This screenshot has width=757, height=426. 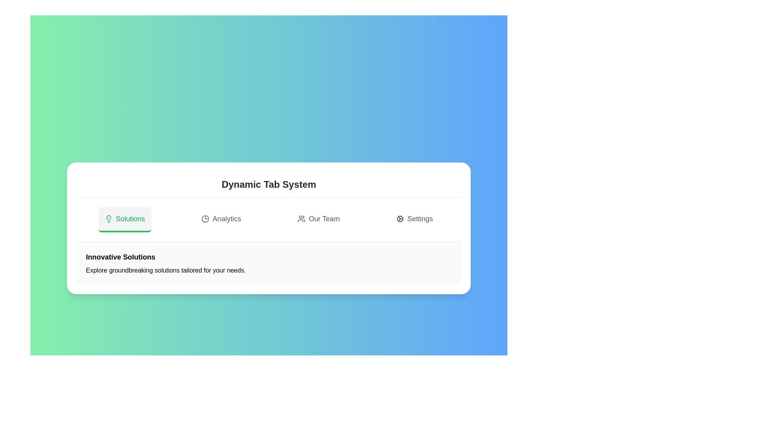 I want to click on the 'Solutions' tab icon located on the leftmost side of the tab row, positioned before the text label 'Solutions', so click(x=108, y=219).